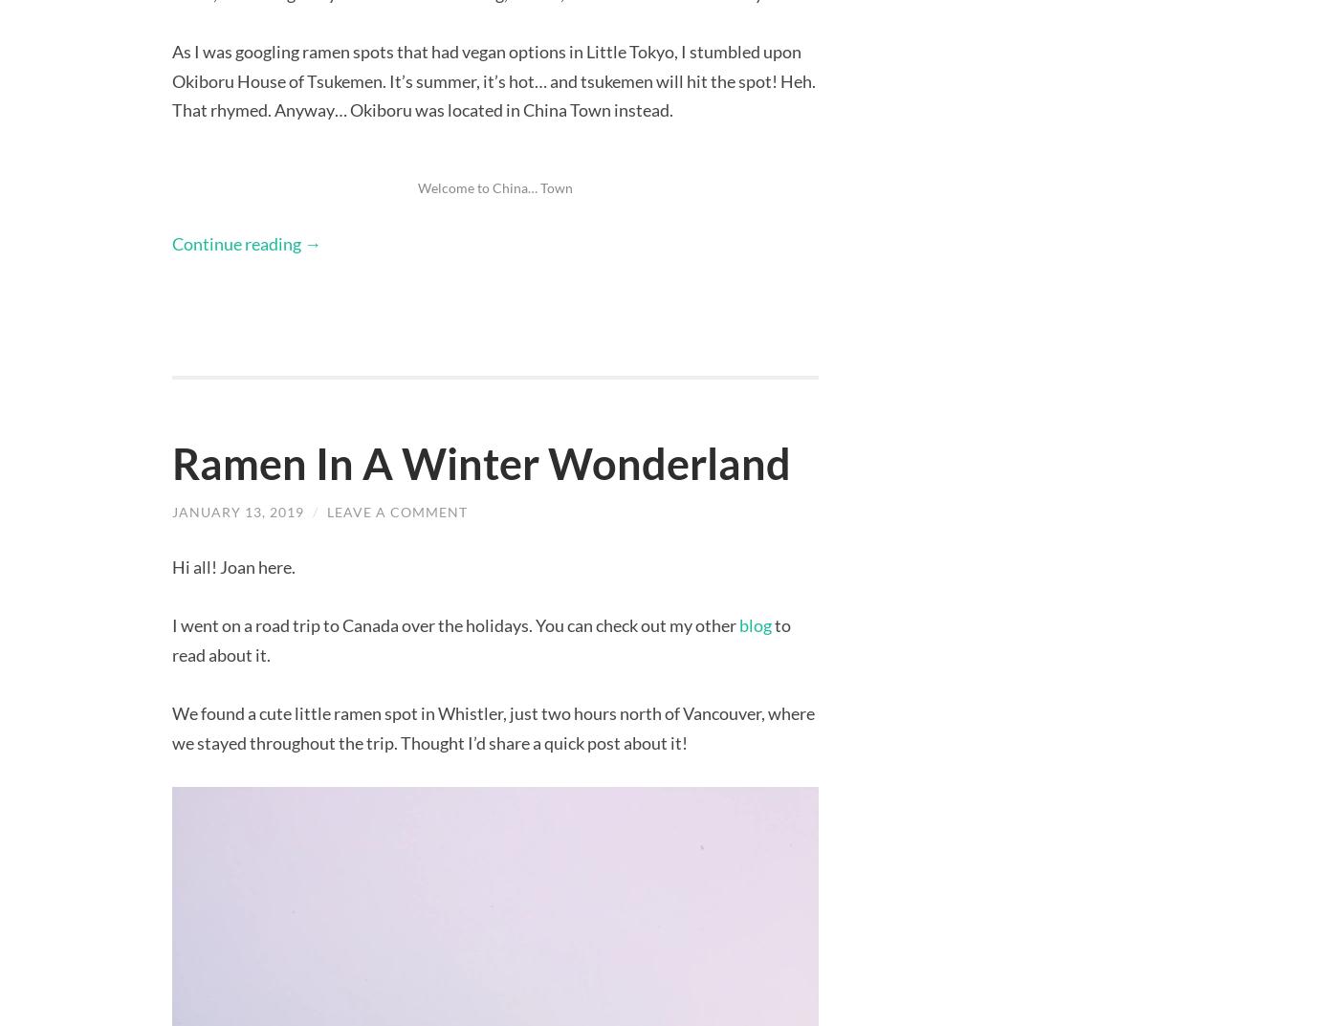 This screenshot has width=1339, height=1026. Describe the element at coordinates (171, 241) in the screenshot. I see `'Continue reading'` at that location.